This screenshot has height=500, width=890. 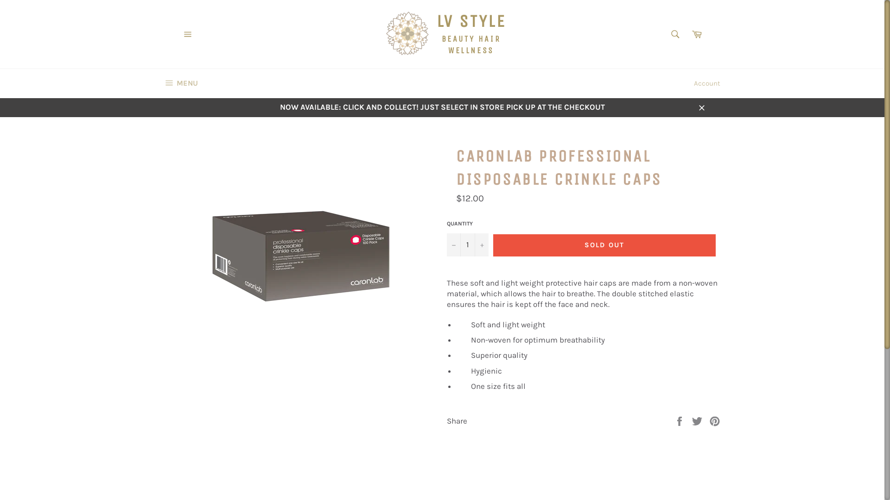 I want to click on 'Cart', so click(x=696, y=33).